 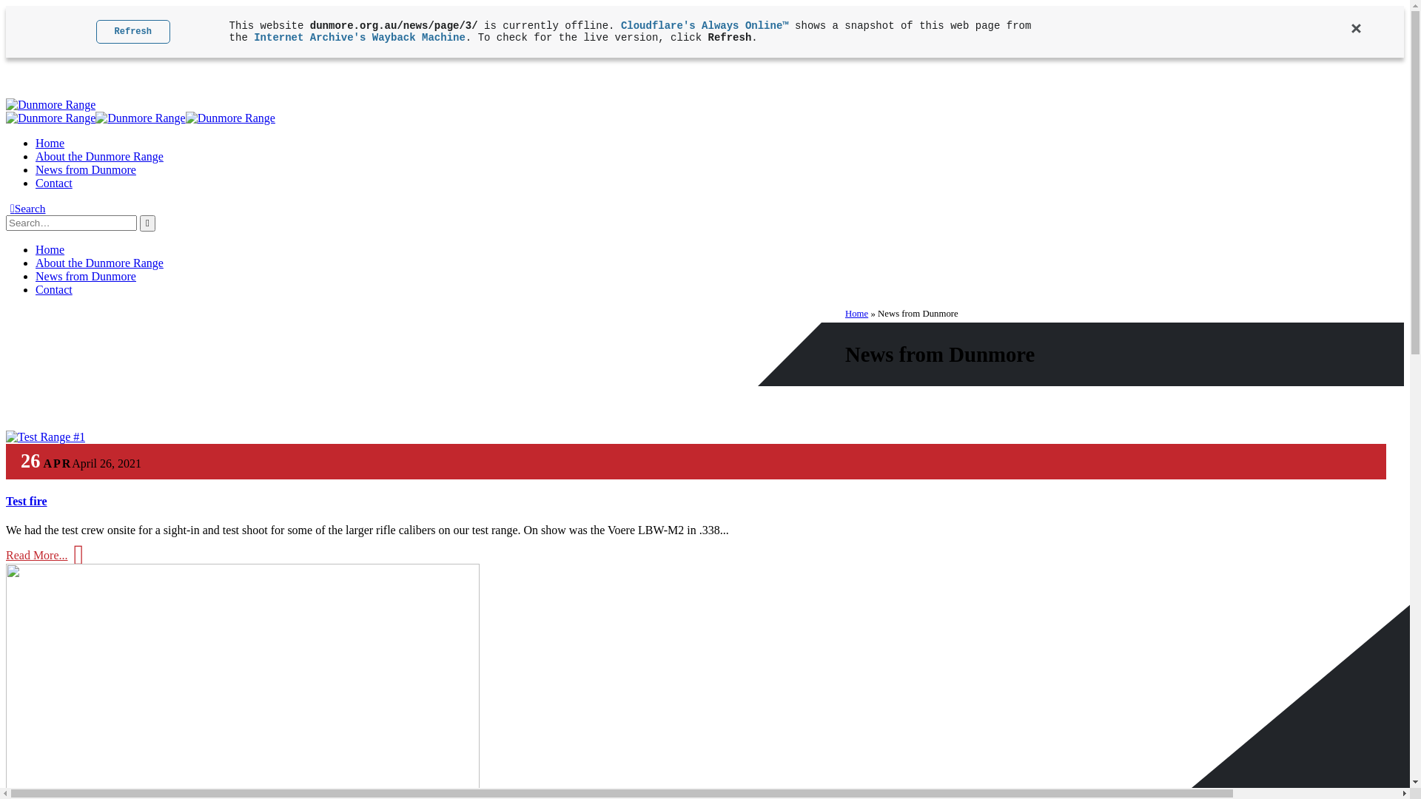 I want to click on 'Read More...', so click(x=45, y=556).